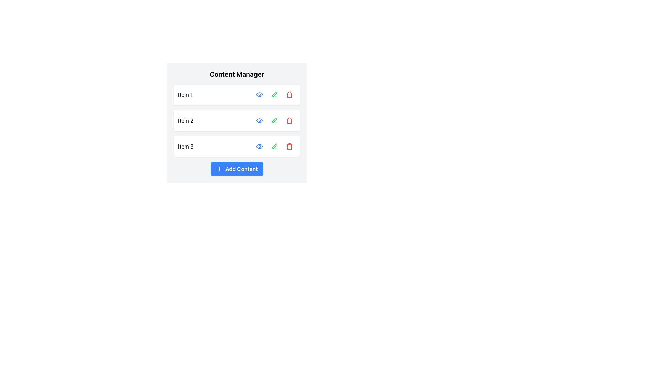  I want to click on the small red trash can icon button, which is the last of three action buttons aligned to the right in the row for 'Item 3', so click(289, 146).